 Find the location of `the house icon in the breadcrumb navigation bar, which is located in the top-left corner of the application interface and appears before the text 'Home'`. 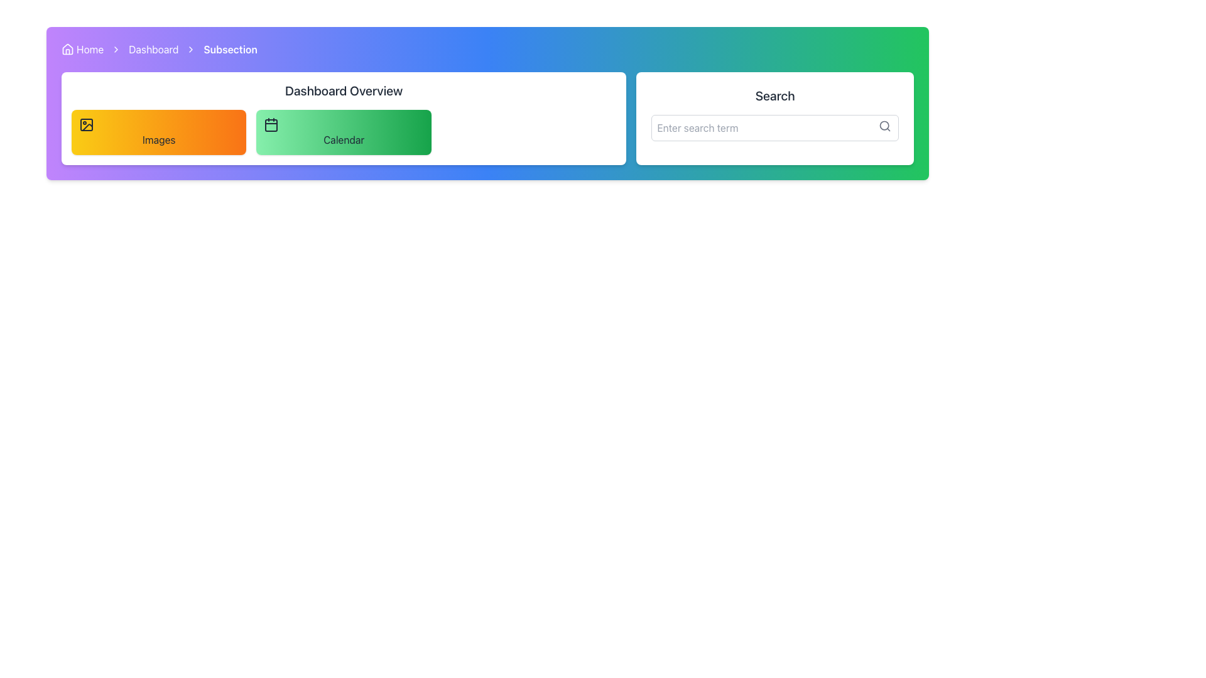

the house icon in the breadcrumb navigation bar, which is located in the top-left corner of the application interface and appears before the text 'Home' is located at coordinates (67, 48).